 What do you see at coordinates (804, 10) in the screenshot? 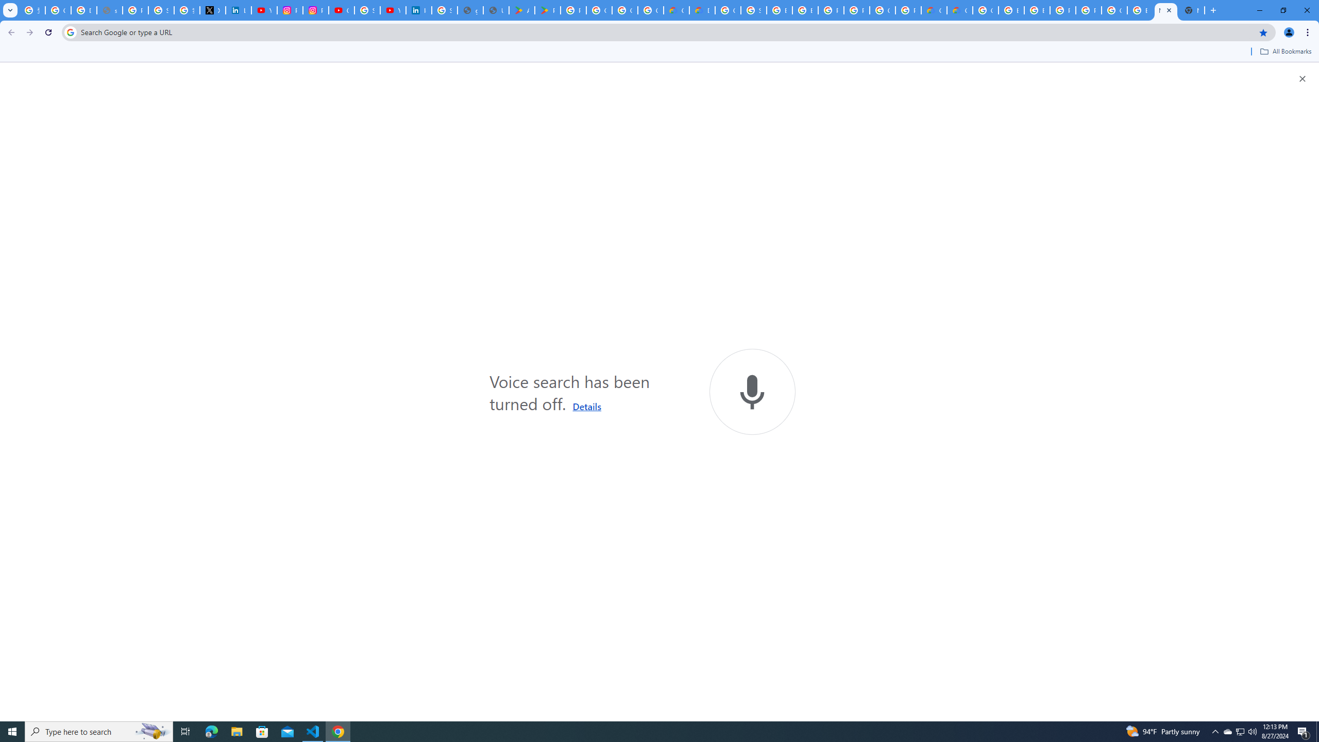
I see `'Browse Chrome as a guest - Computer - Google Chrome Help'` at bounding box center [804, 10].